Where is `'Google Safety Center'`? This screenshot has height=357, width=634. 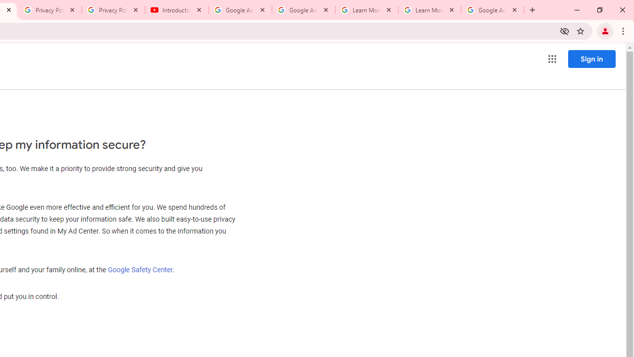 'Google Safety Center' is located at coordinates (140, 269).